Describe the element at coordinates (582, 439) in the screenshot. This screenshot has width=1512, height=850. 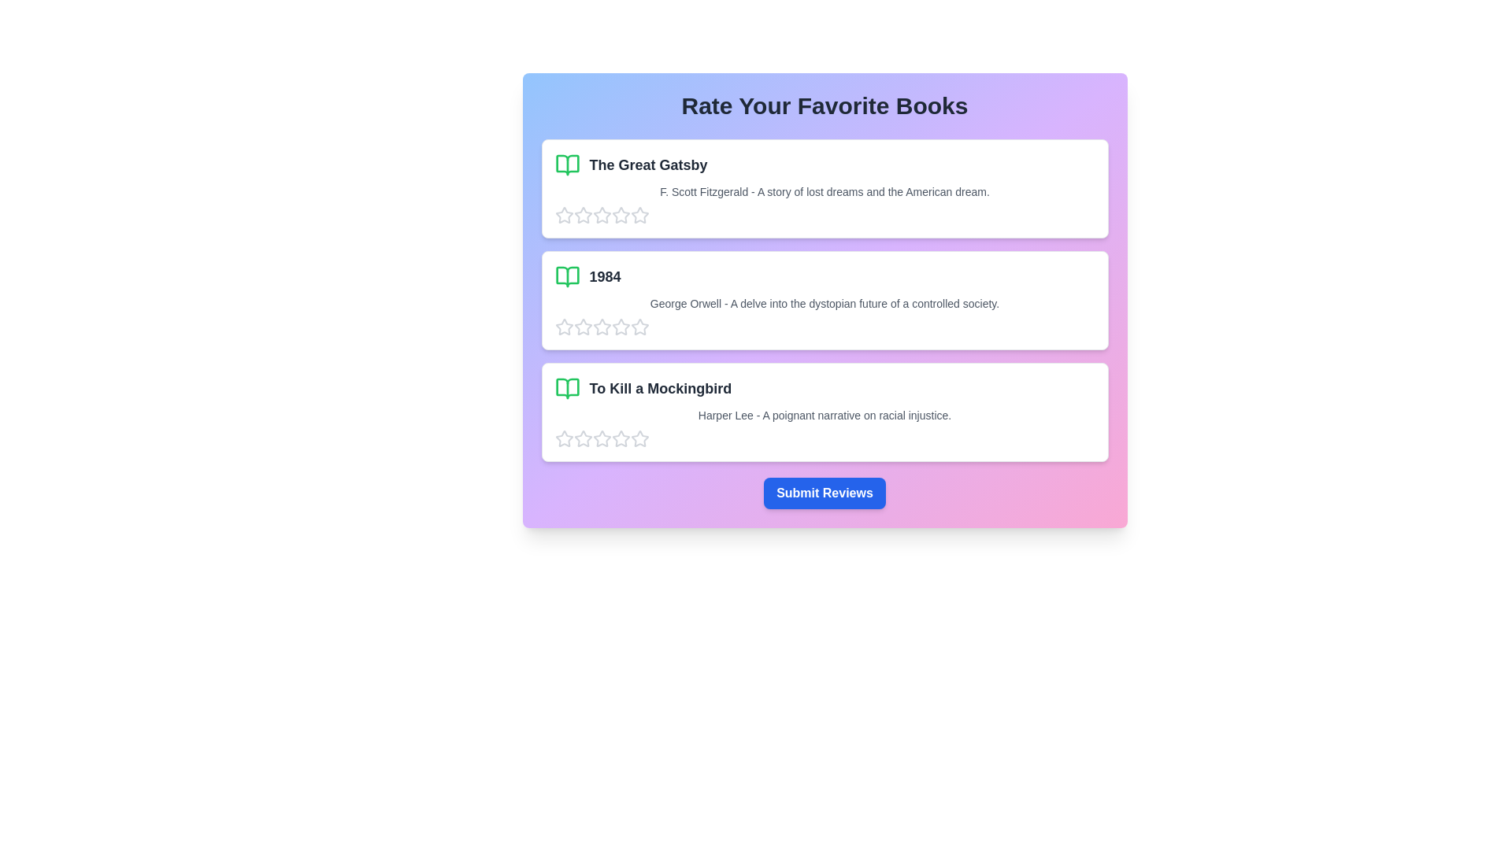
I see `the star corresponding to 2 for the book titled To Kill a Mockingbird` at that location.